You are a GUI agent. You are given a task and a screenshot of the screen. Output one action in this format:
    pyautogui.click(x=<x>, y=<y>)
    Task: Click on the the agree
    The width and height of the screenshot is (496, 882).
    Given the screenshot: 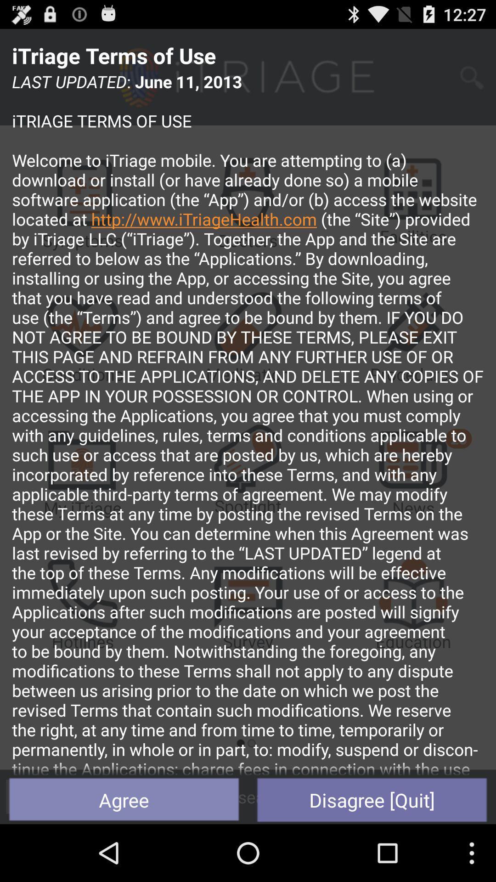 What is the action you would take?
    pyautogui.click(x=124, y=799)
    